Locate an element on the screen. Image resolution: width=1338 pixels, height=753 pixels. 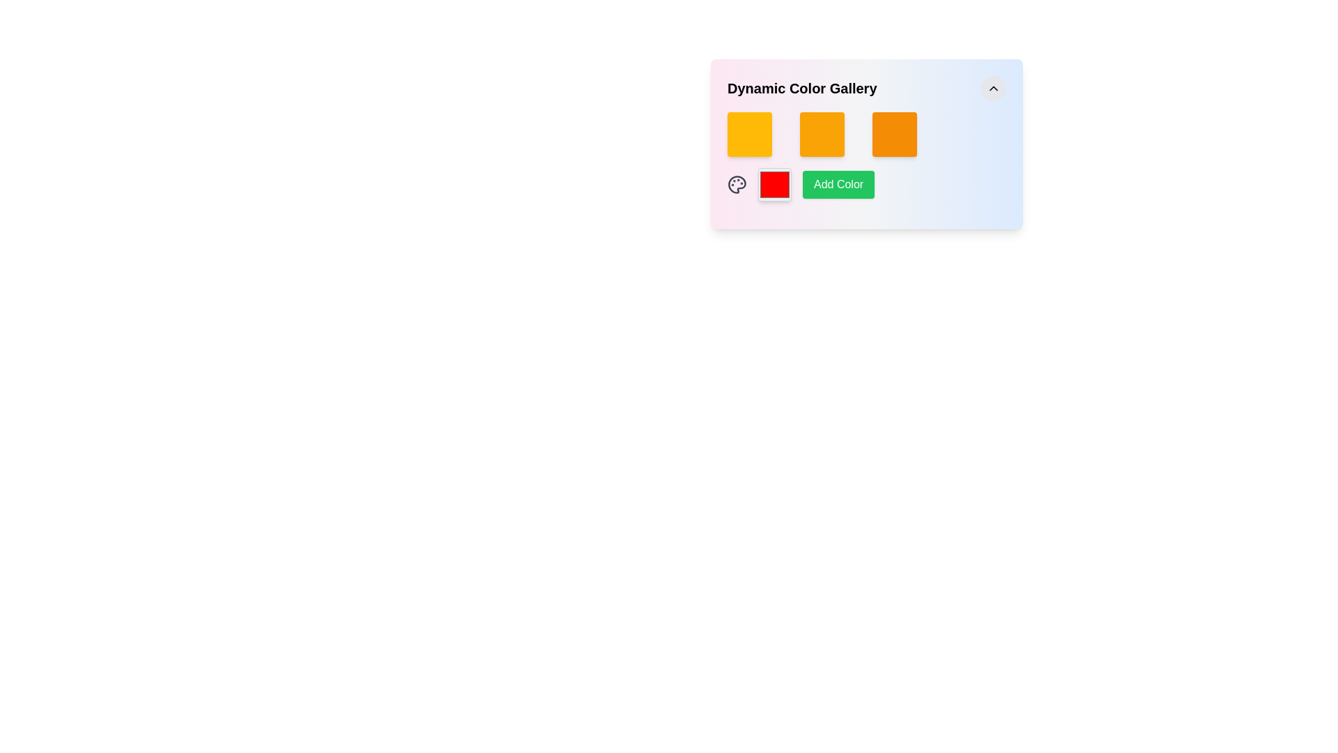
the small red square color picker, which is located immediately to the right of the palette icon and to the left of the 'Add Color' button is located at coordinates (774, 184).